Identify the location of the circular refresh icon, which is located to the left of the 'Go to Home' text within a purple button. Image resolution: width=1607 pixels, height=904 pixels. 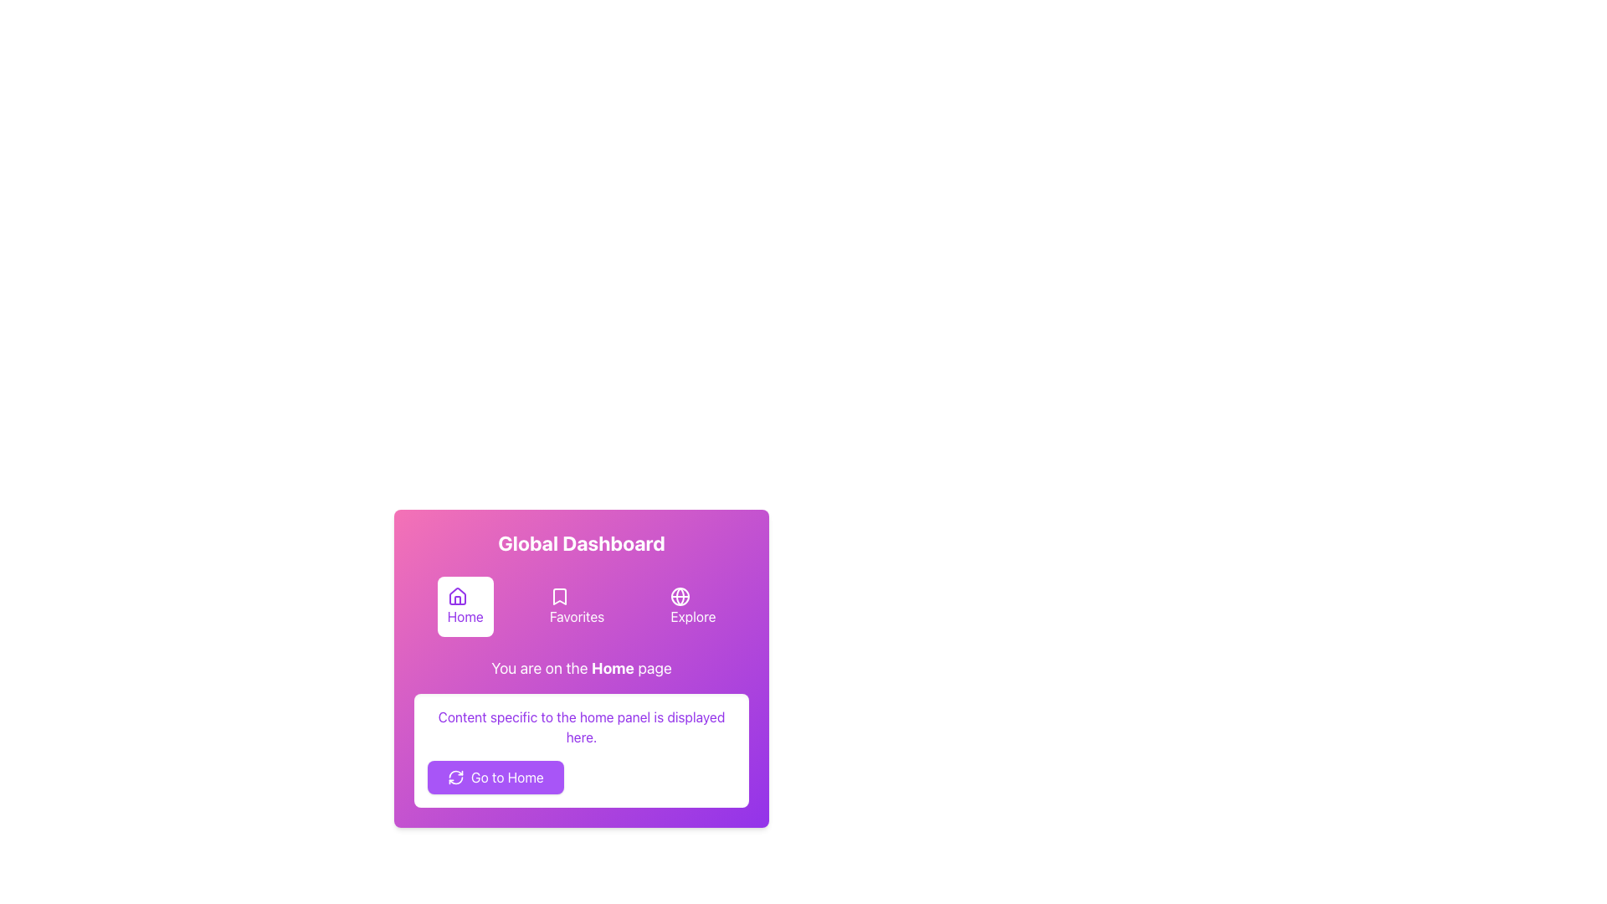
(456, 778).